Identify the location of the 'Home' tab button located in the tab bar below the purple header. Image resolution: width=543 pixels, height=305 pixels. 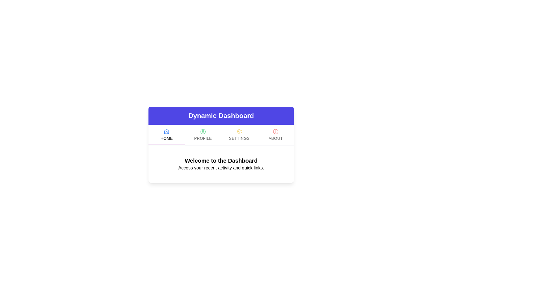
(166, 135).